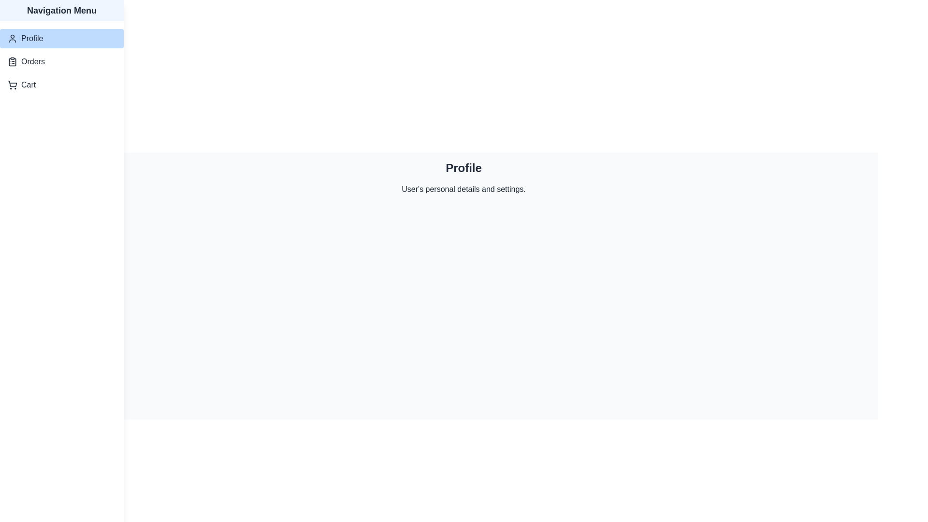 This screenshot has height=522, width=928. What do you see at coordinates (29, 85) in the screenshot?
I see `the third menu option label in the left-side navigation menu` at bounding box center [29, 85].